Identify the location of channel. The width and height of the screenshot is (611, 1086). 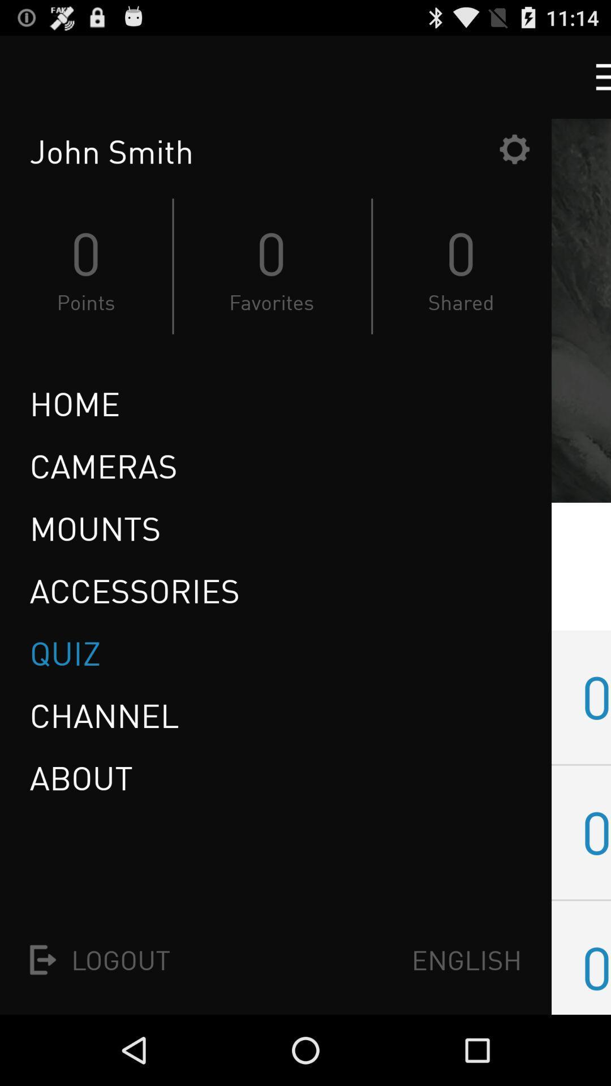
(104, 715).